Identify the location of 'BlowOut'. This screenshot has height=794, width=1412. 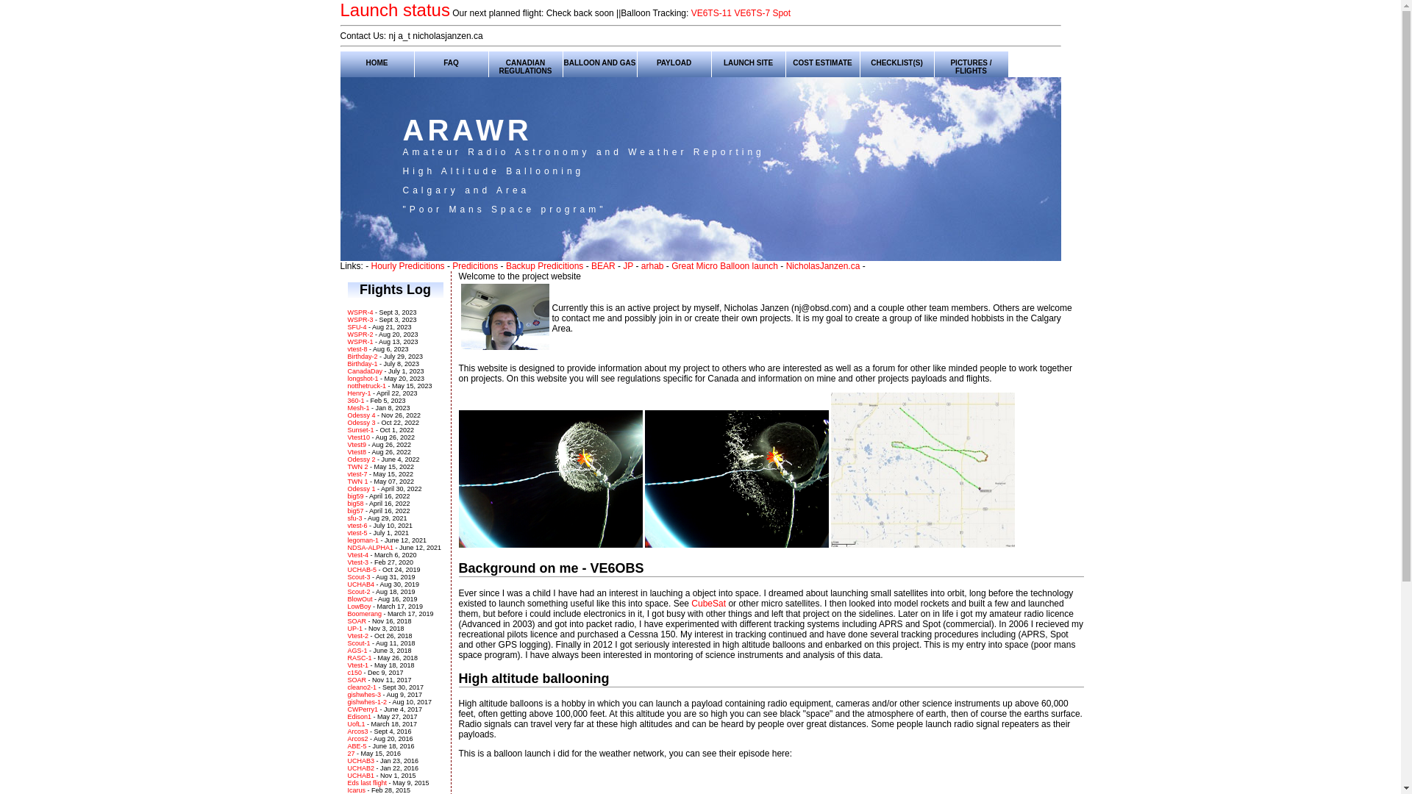
(360, 598).